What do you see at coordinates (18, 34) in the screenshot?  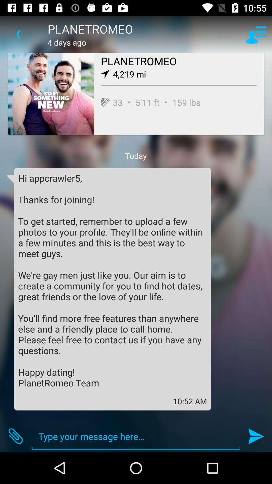 I see `item next to the planetromeo item` at bounding box center [18, 34].